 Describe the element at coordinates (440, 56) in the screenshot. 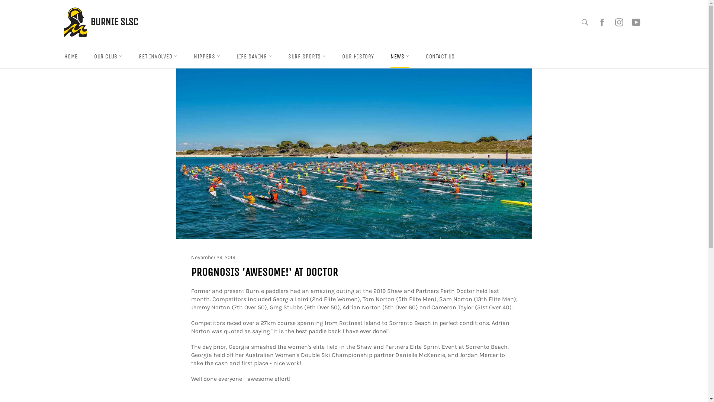

I see `'CONTACT US'` at that location.